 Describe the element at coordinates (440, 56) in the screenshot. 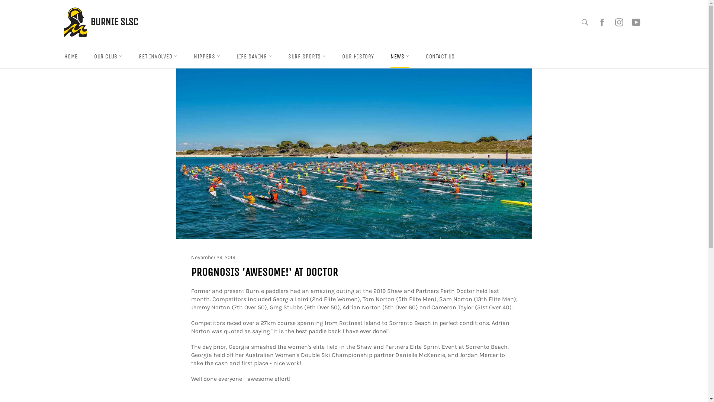

I see `'CONTACT US'` at that location.